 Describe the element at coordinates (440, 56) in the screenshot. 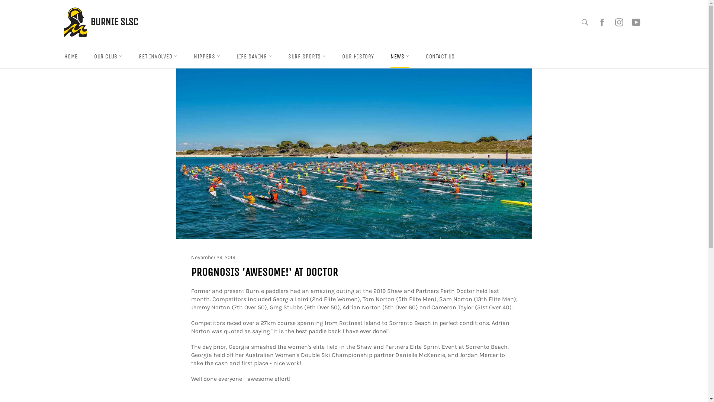

I see `'CONTACT US'` at that location.